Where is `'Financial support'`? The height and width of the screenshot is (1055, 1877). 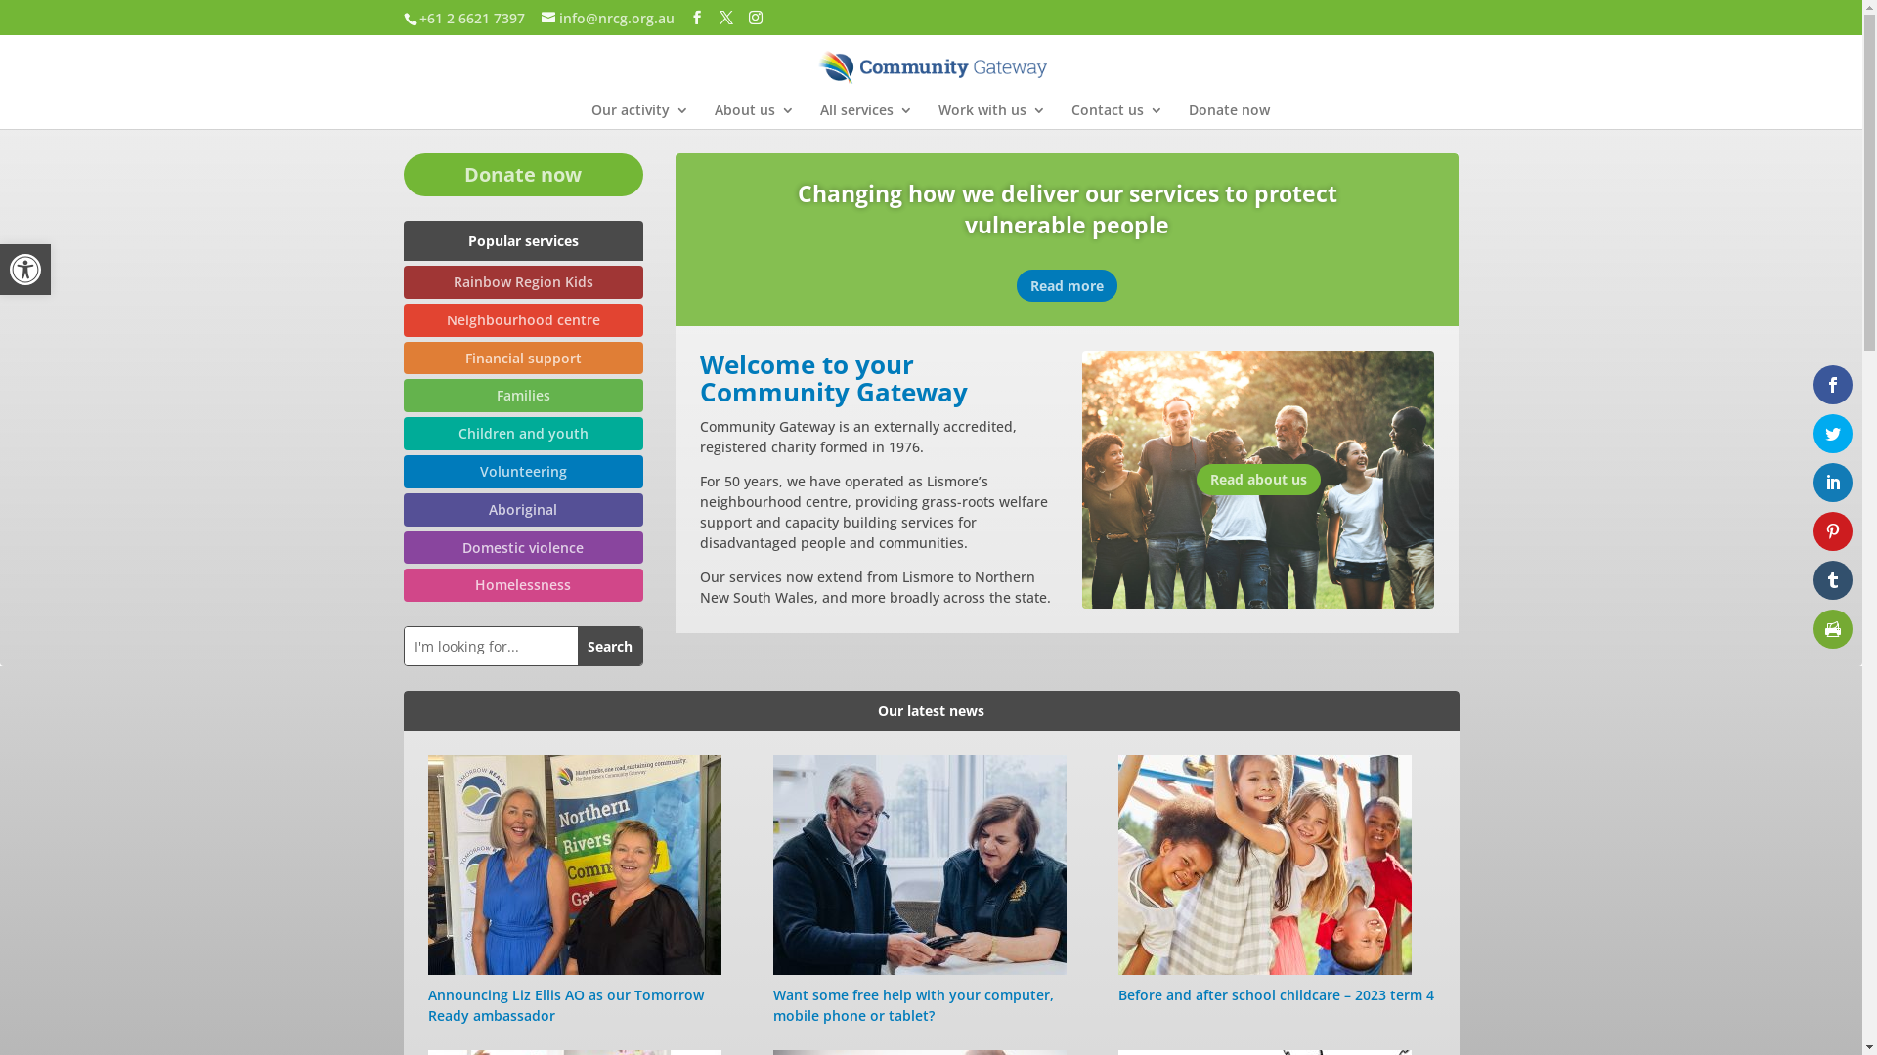
'Financial support' is located at coordinates (522, 358).